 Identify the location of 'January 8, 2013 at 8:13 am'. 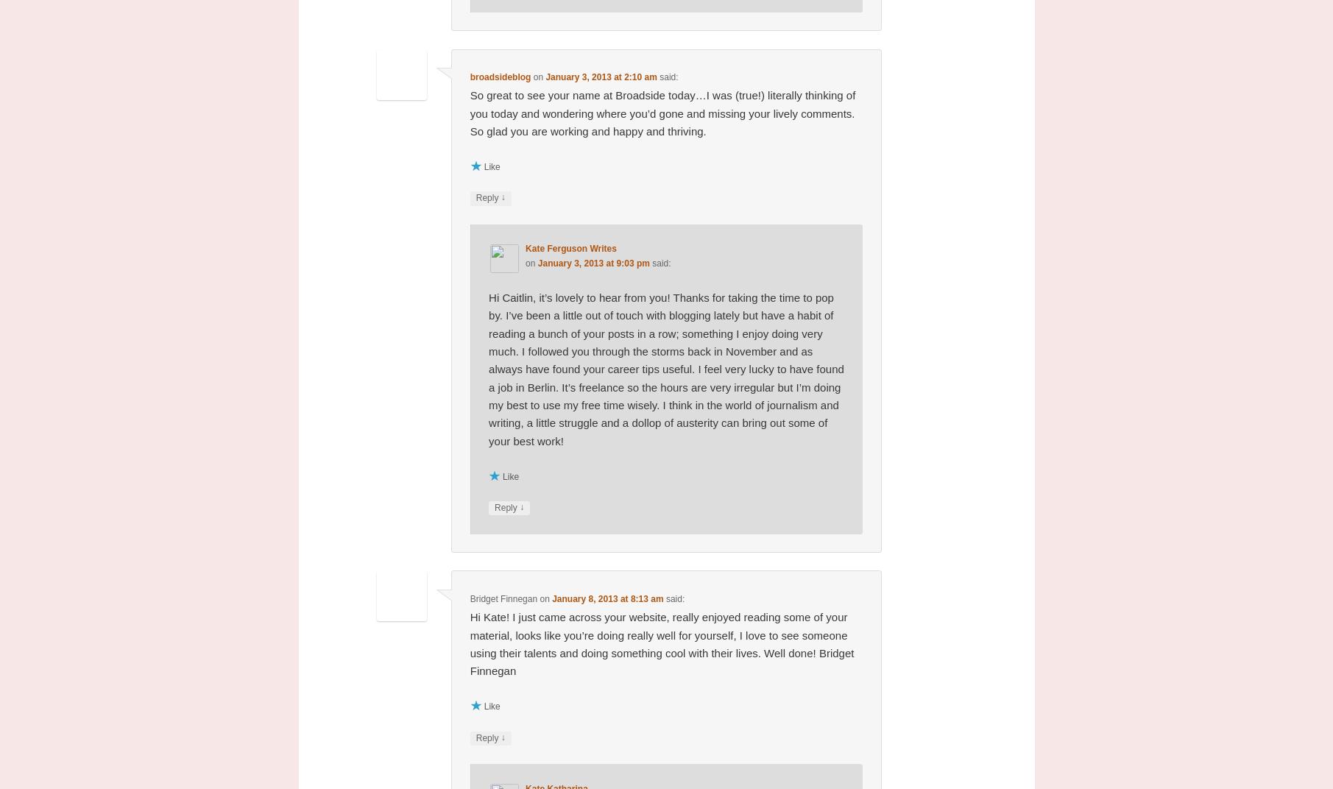
(607, 598).